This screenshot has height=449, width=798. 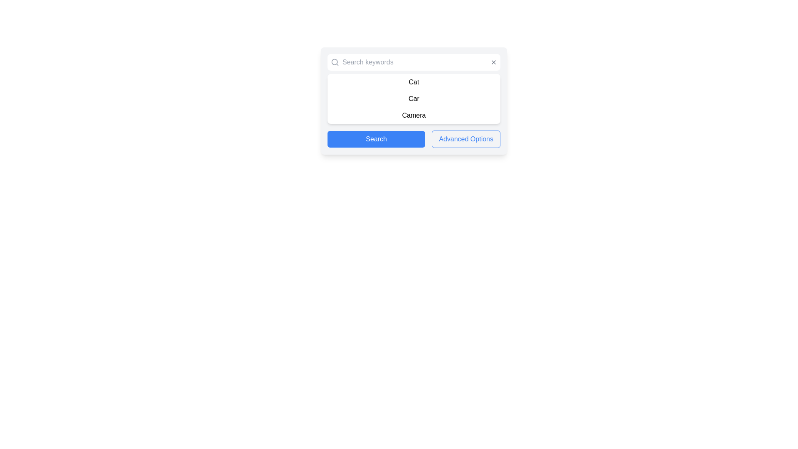 I want to click on the selectable list item displaying the word 'Car', so click(x=414, y=99).